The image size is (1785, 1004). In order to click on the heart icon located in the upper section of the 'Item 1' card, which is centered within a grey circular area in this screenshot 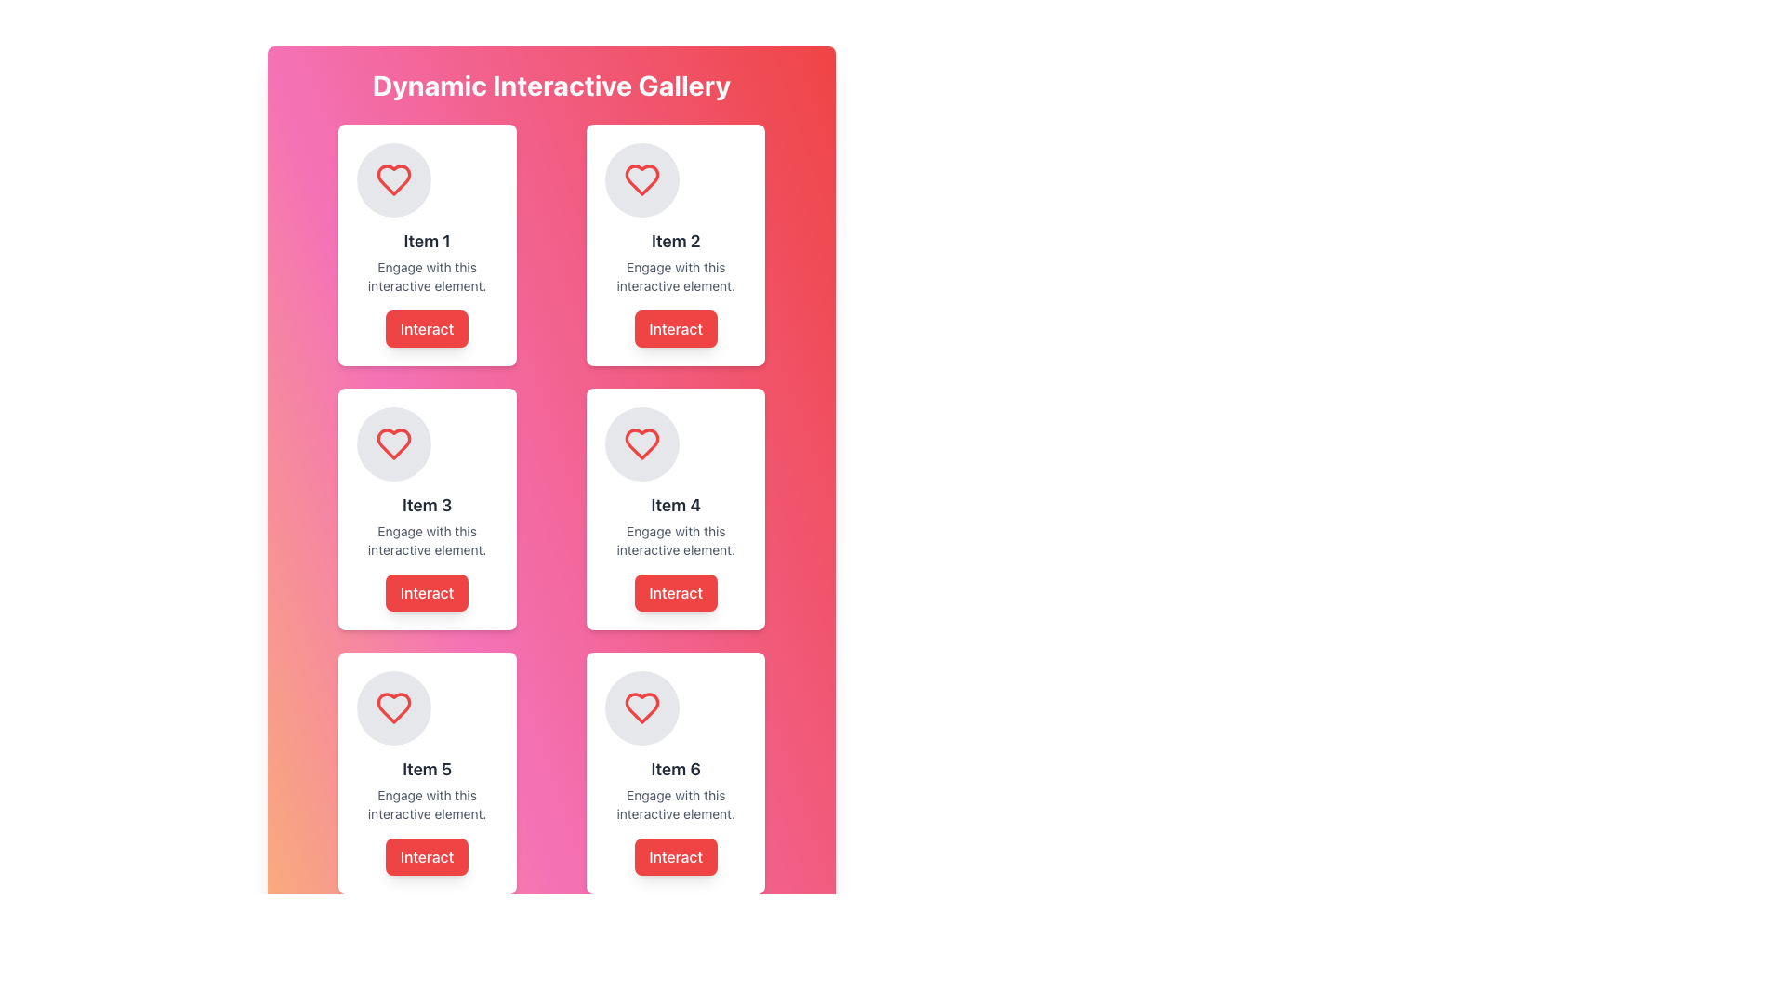, I will do `click(392, 179)`.